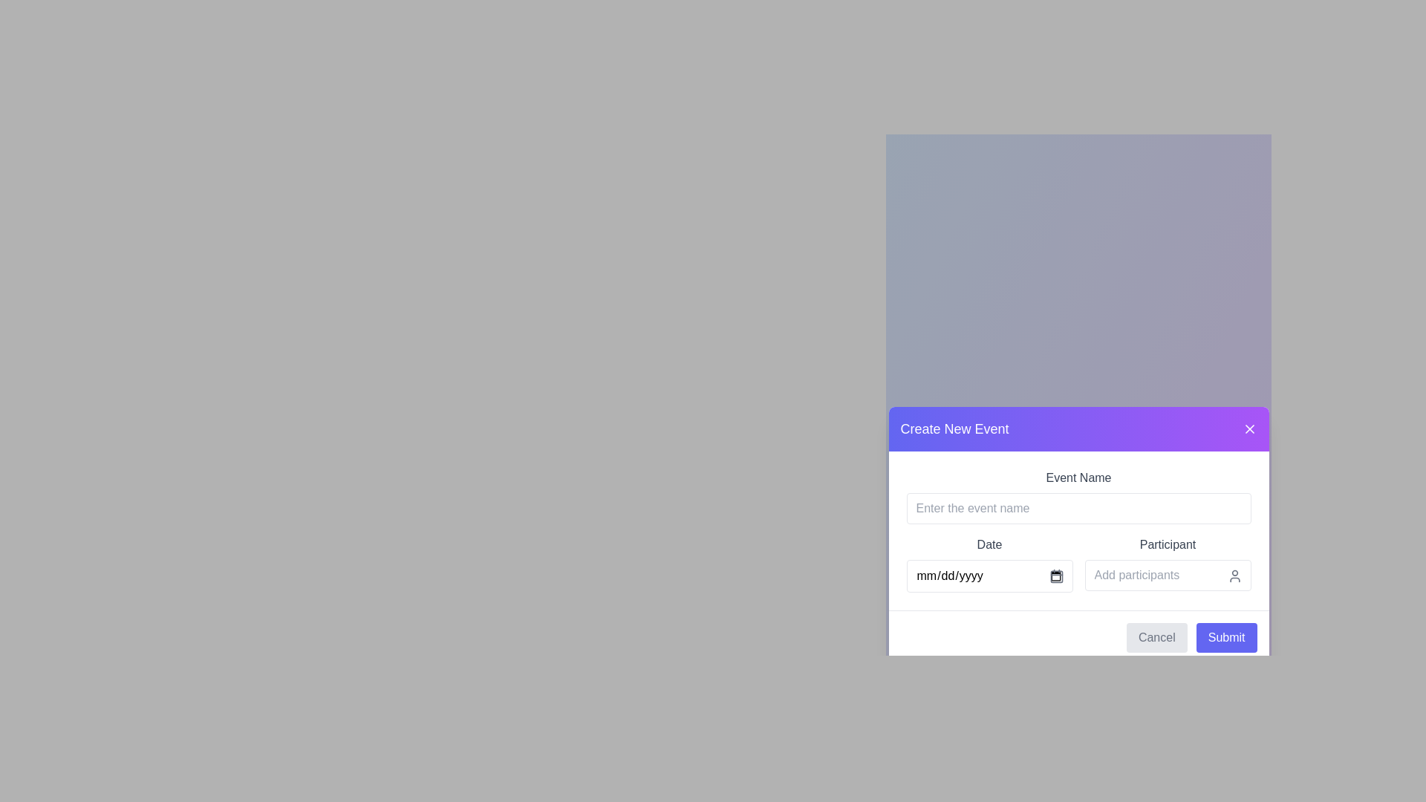  Describe the element at coordinates (1248, 428) in the screenshot. I see `the diagonal cross icon in the top-right corner of the modal's purple header bar` at that location.